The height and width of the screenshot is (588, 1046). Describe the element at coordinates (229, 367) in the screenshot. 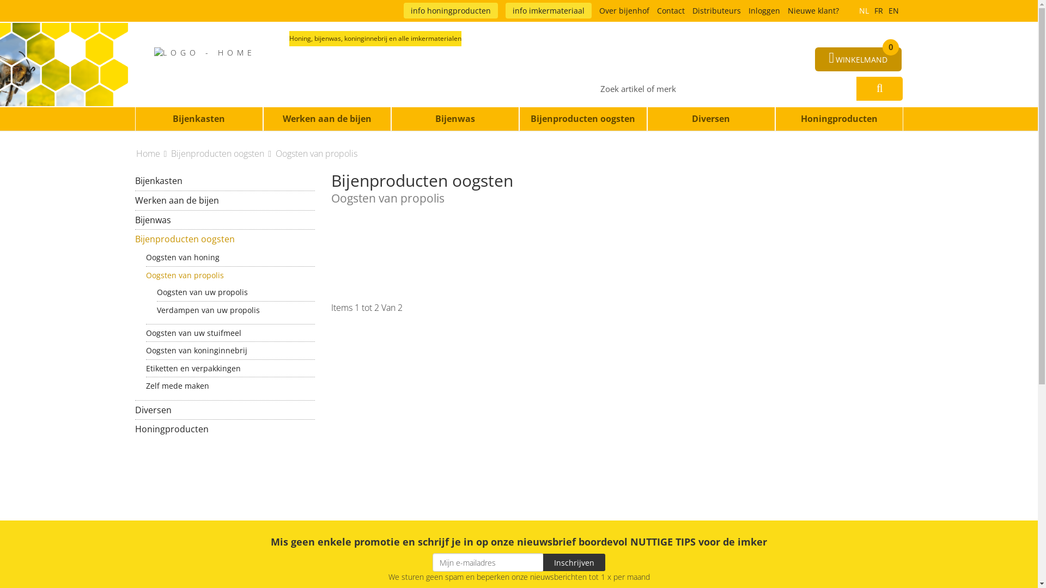

I see `'Etiketten en verpakkingen'` at that location.